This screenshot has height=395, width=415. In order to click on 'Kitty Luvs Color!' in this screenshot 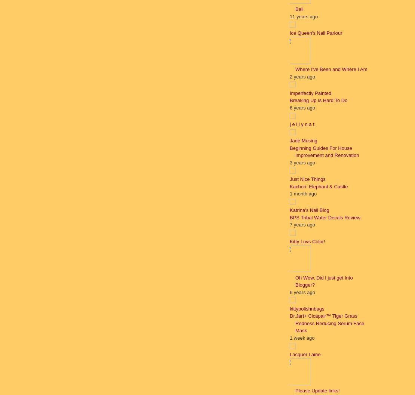, I will do `click(307, 241)`.